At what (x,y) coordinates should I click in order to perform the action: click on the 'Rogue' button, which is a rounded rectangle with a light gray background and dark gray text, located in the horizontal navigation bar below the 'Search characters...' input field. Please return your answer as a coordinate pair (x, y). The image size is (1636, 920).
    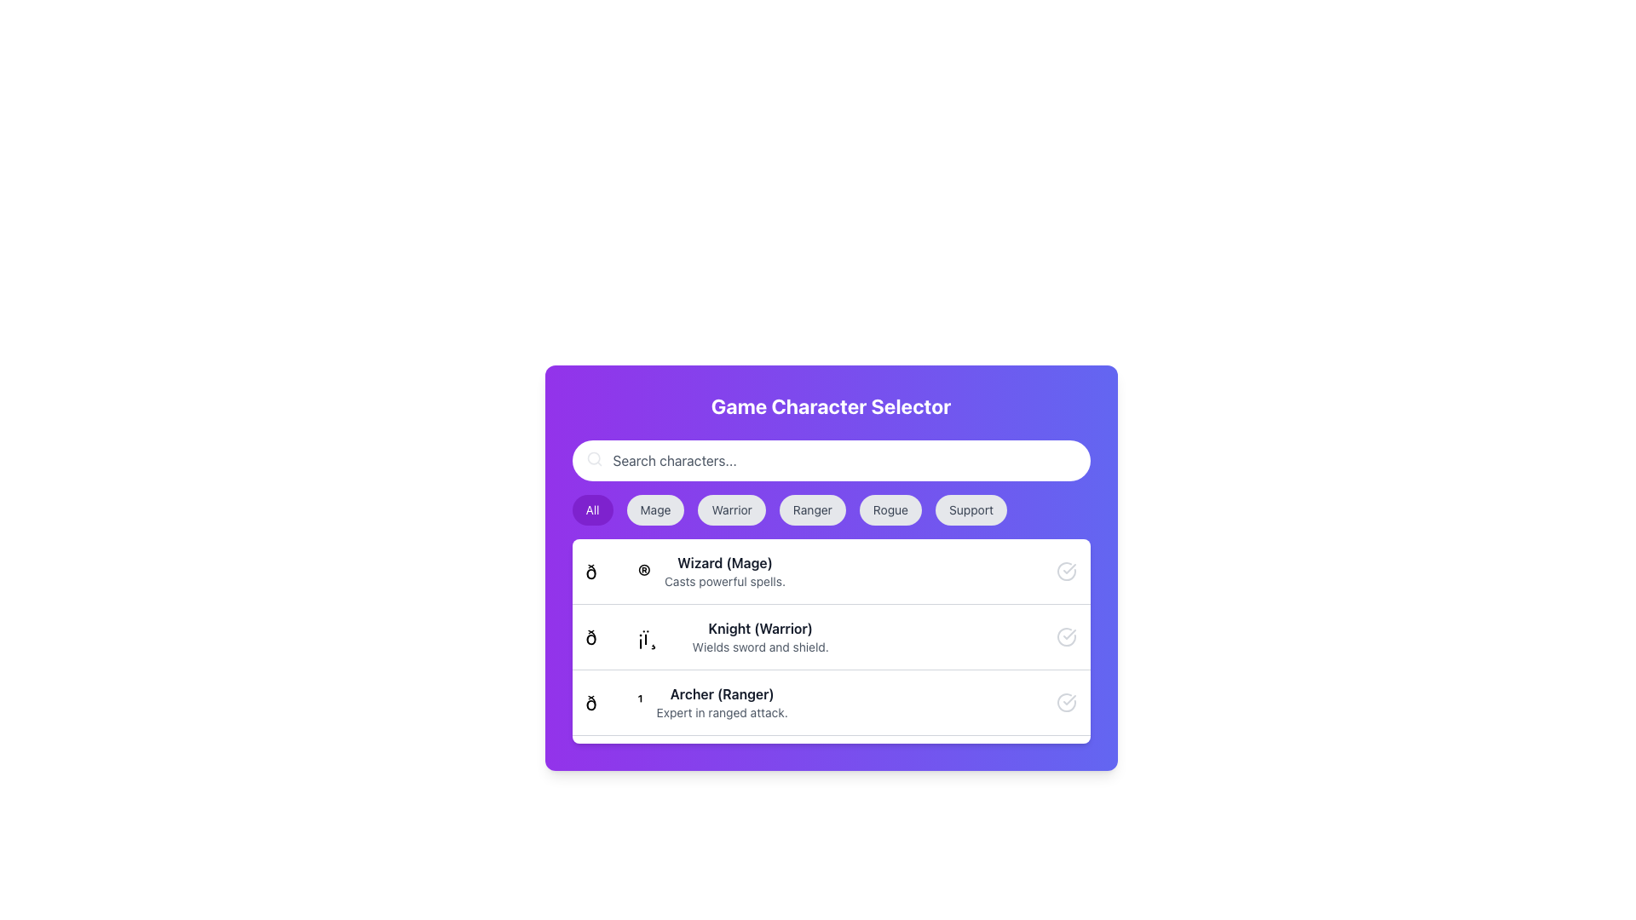
    Looking at the image, I should click on (890, 509).